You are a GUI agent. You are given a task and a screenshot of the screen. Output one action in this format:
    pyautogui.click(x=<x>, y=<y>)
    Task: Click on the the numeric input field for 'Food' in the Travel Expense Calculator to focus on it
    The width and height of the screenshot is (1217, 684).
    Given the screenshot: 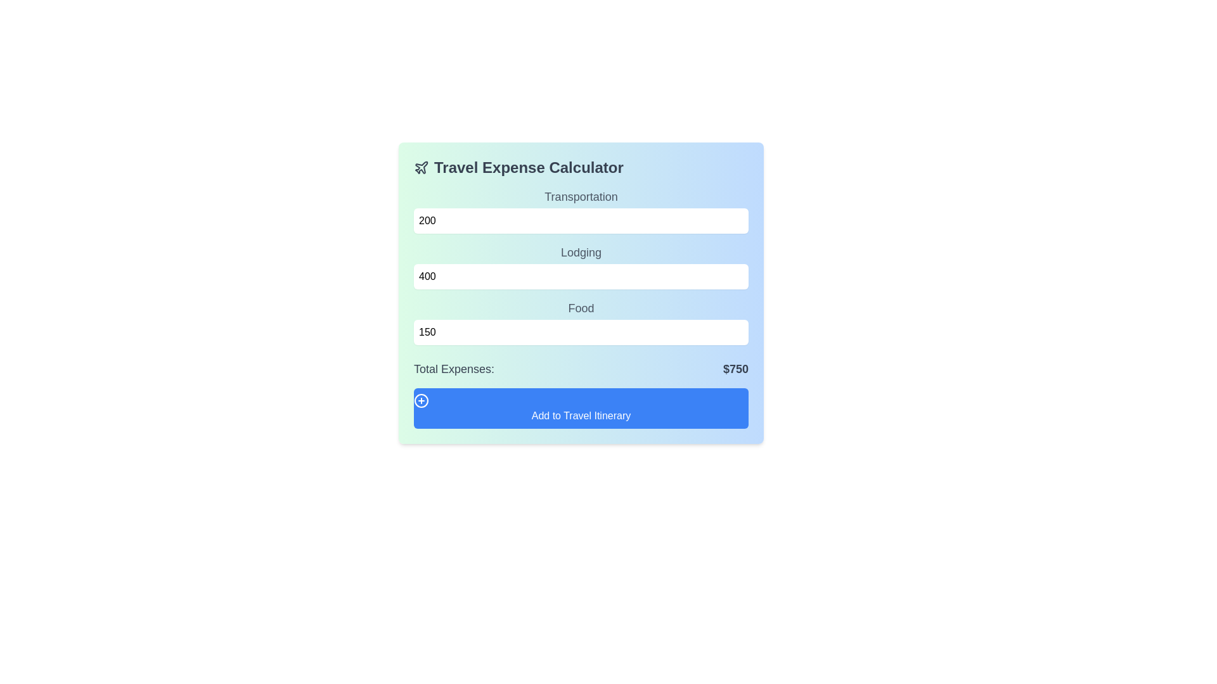 What is the action you would take?
    pyautogui.click(x=580, y=322)
    